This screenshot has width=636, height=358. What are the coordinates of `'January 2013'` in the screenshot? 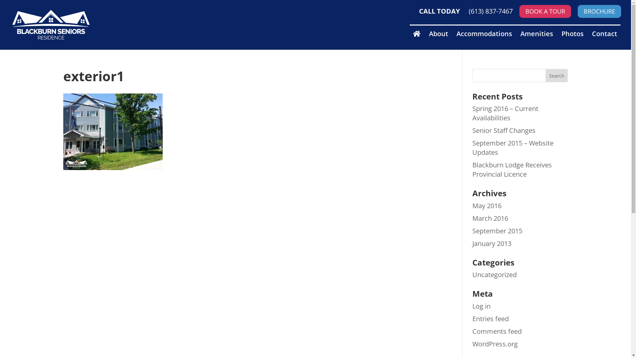 It's located at (492, 243).